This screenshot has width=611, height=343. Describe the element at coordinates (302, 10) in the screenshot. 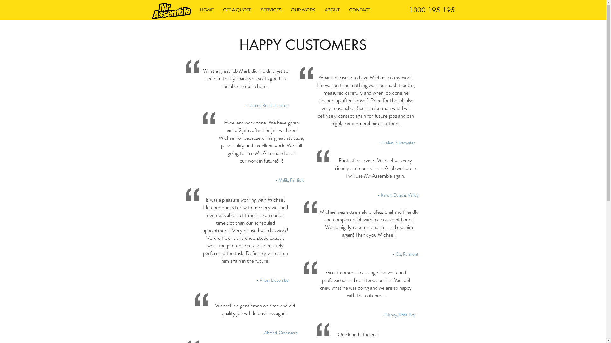

I see `'OUR WORK'` at that location.